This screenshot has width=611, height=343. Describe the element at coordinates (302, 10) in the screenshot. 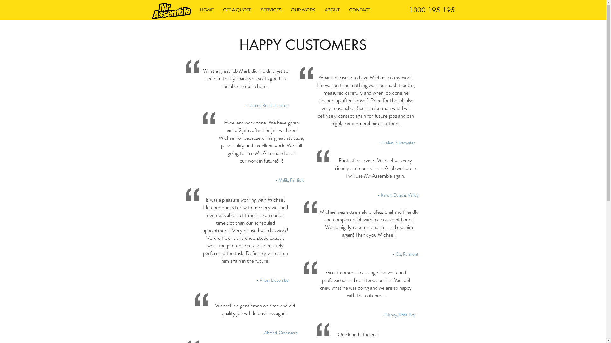

I see `'OUR WORK'` at that location.